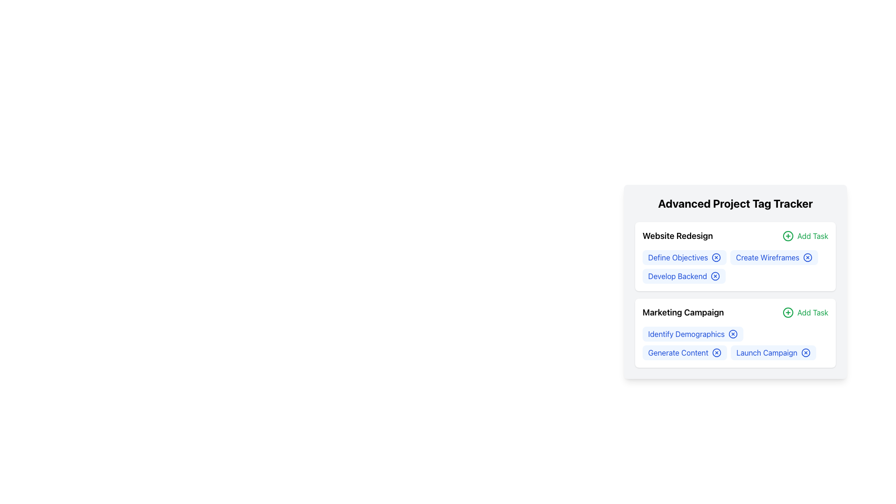  I want to click on the grouped interactive tags located in the 'Marketing Campaign' section below the title 'Marketing Campaign Add Task', so click(735, 343).